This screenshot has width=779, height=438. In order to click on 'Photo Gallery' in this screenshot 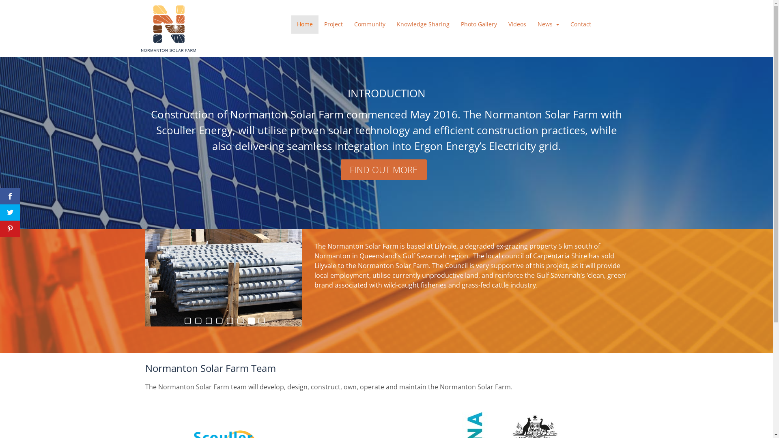, I will do `click(455, 24)`.